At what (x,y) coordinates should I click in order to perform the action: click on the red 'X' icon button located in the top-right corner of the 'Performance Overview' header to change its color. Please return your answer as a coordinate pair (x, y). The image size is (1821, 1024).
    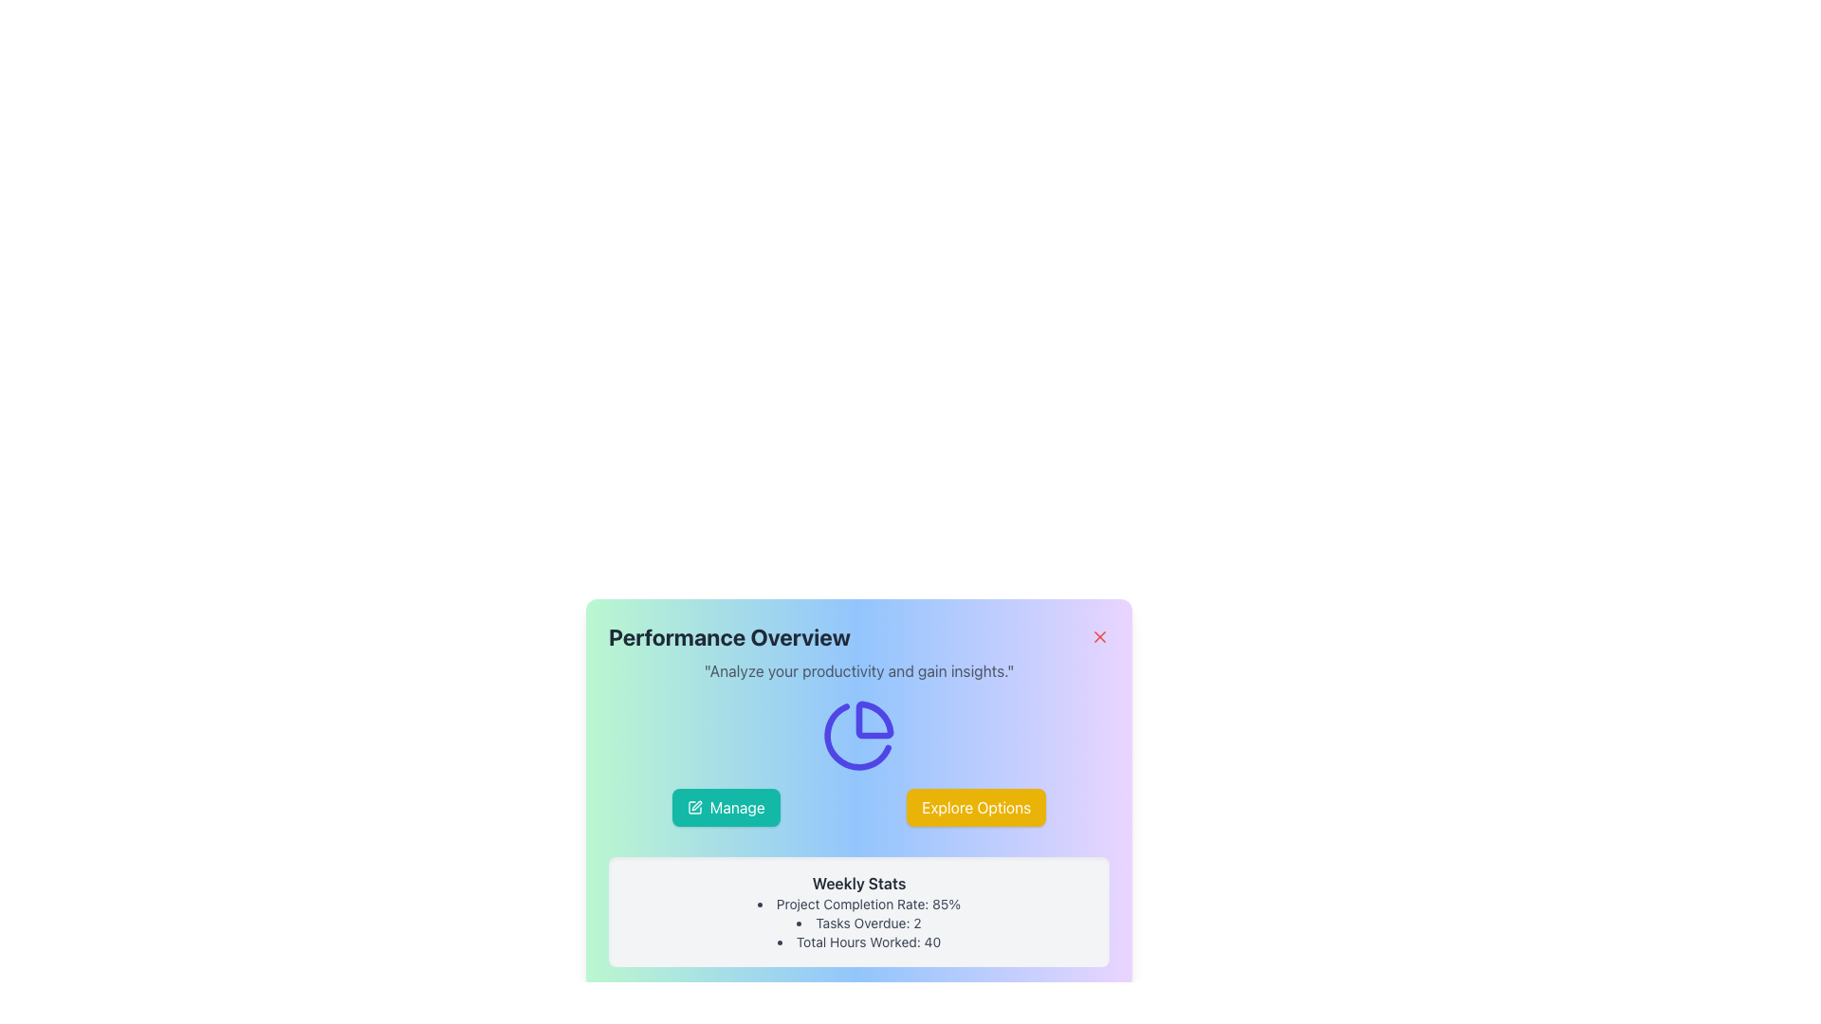
    Looking at the image, I should click on (1100, 636).